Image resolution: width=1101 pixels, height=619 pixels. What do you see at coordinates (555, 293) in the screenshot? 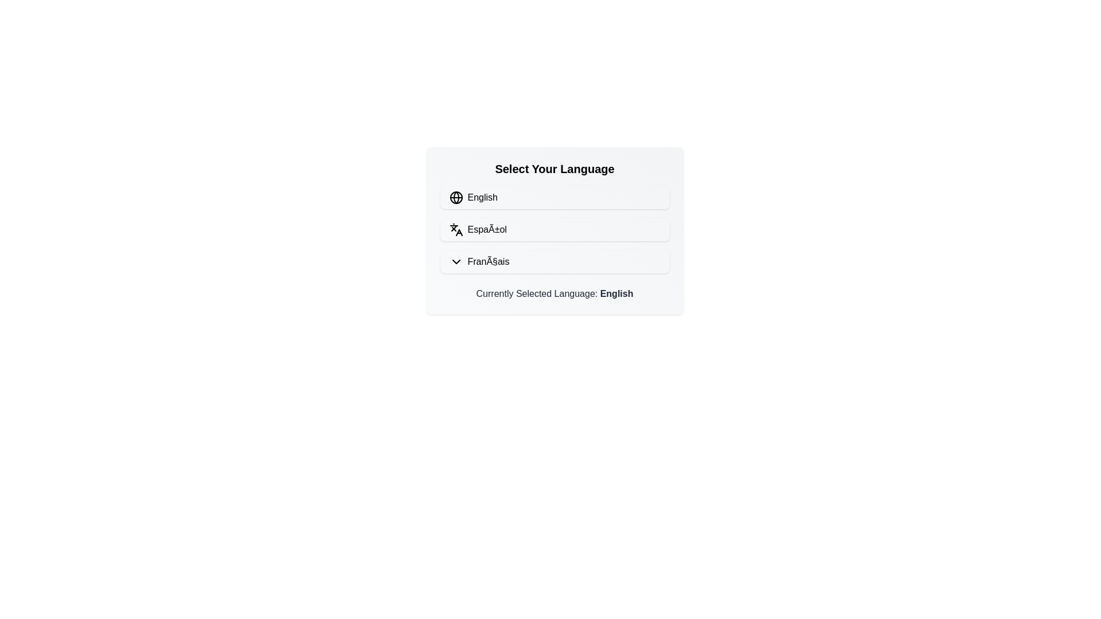
I see `text displayed in the Text Display component which shows 'Currently Selected Language: English', emphasized with 'English' in bold` at bounding box center [555, 293].